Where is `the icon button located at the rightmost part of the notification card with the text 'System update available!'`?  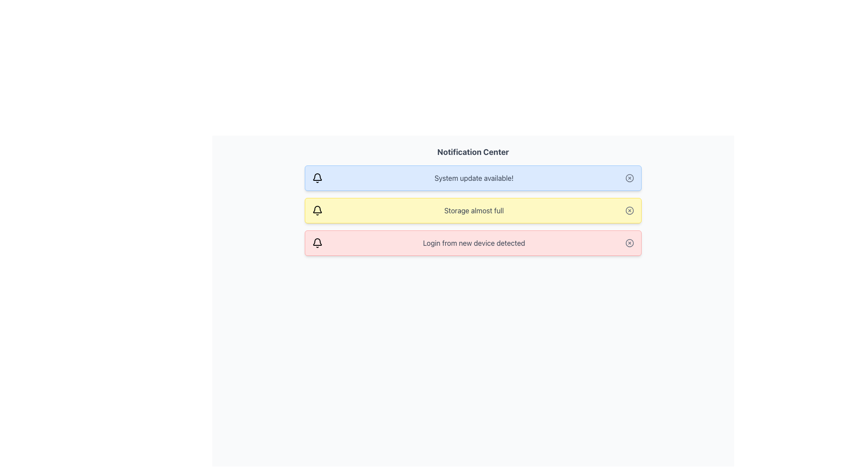
the icon button located at the rightmost part of the notification card with the text 'System update available!' is located at coordinates (629, 178).